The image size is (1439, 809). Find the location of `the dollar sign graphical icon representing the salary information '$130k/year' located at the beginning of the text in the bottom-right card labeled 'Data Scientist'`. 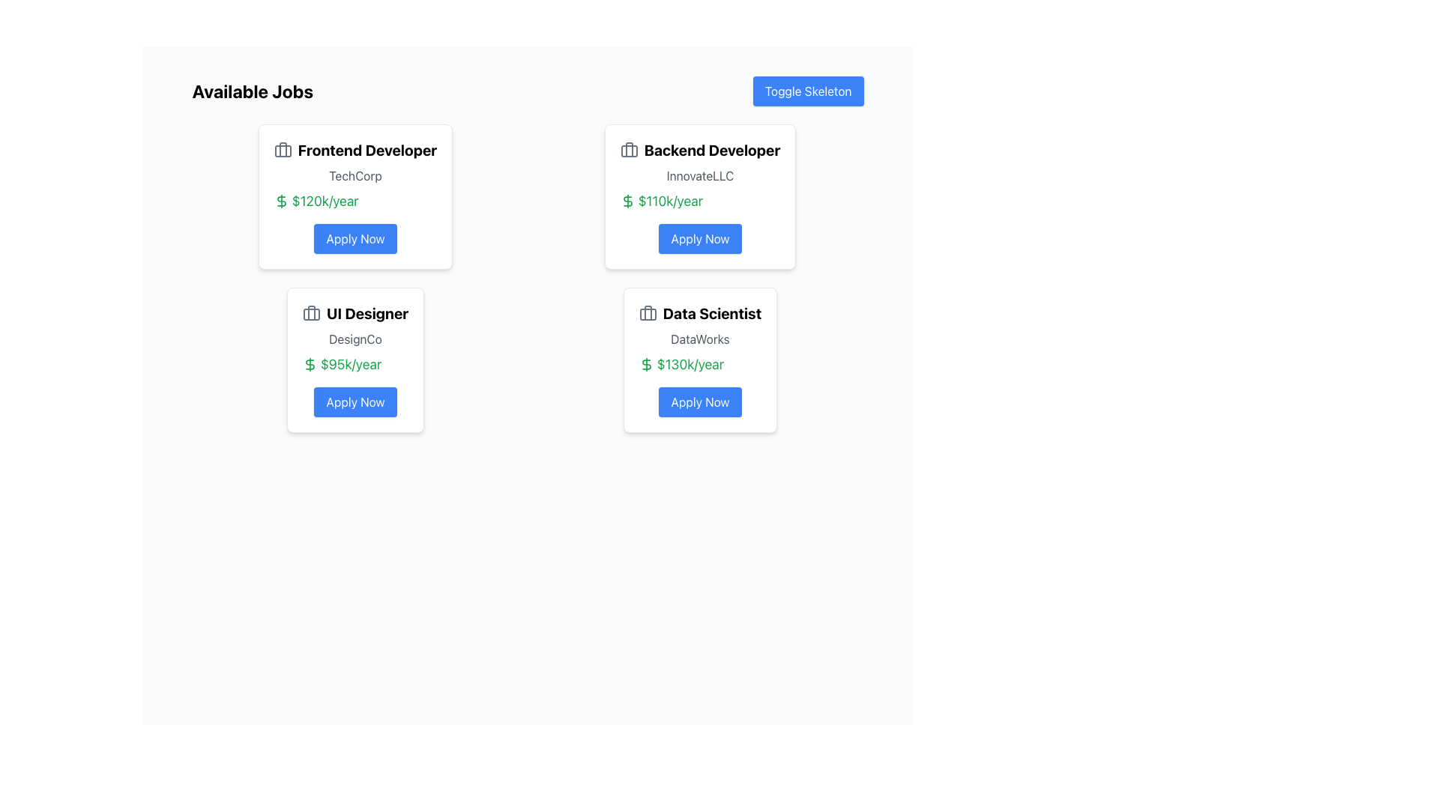

the dollar sign graphical icon representing the salary information '$130k/year' located at the beginning of the text in the bottom-right card labeled 'Data Scientist' is located at coordinates (646, 364).